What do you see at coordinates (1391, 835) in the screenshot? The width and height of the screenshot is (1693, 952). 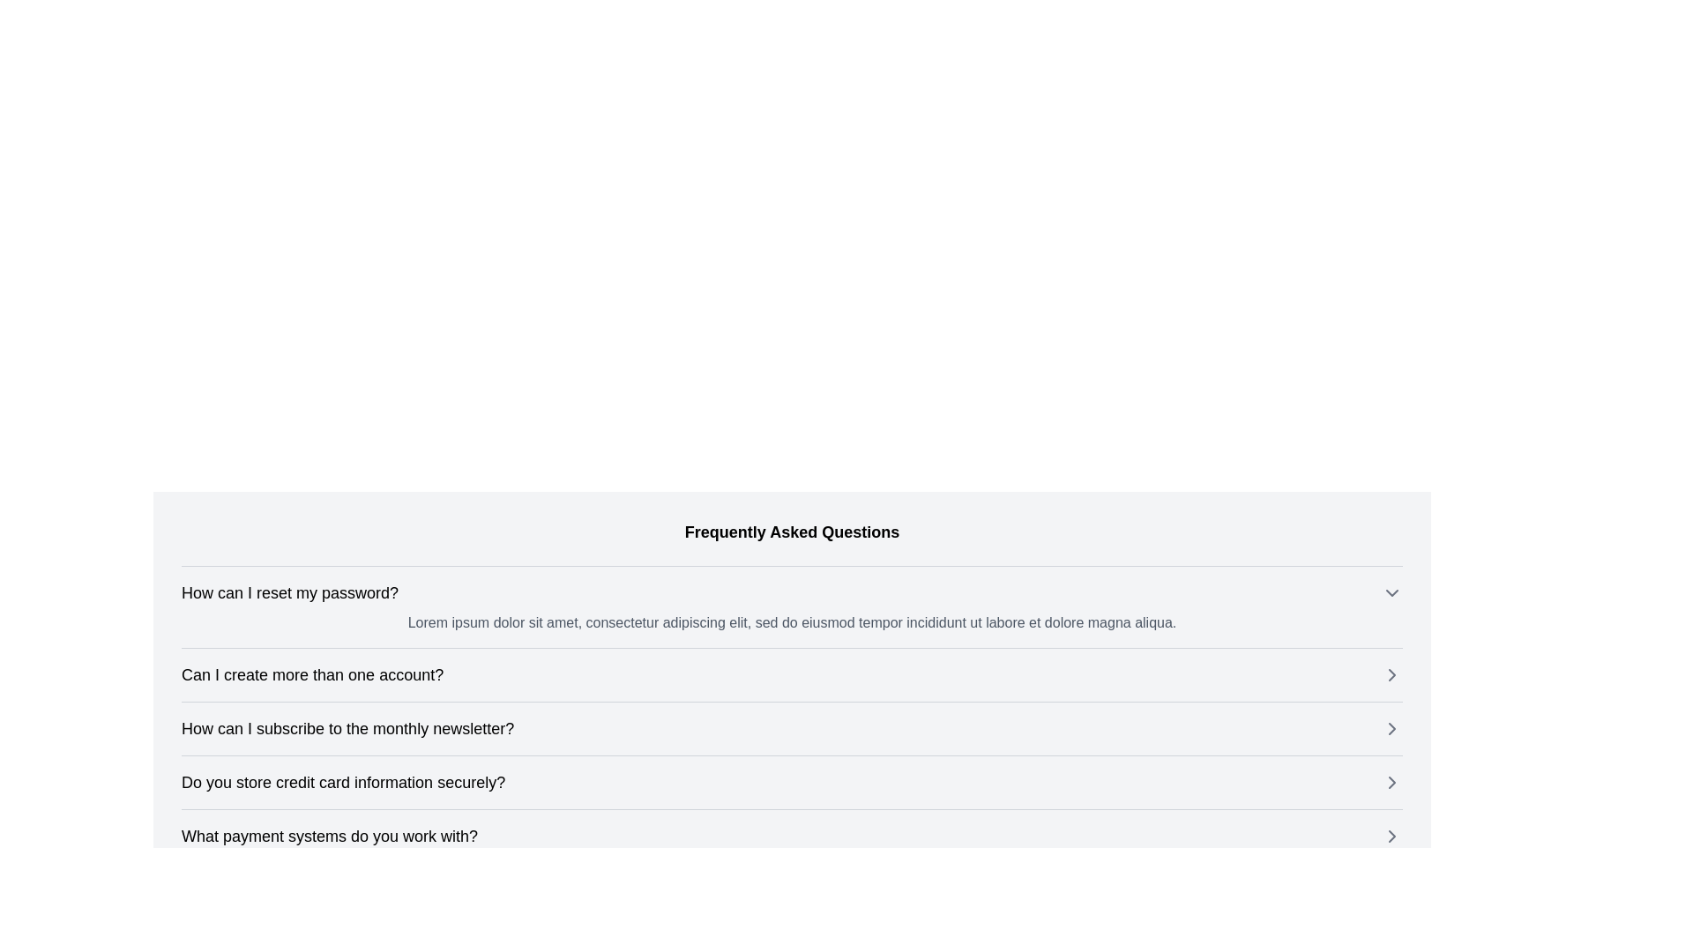 I see `the SVG Icon located at the far right end of the 'What payment systems do you work with?' question row in the FAQ section` at bounding box center [1391, 835].